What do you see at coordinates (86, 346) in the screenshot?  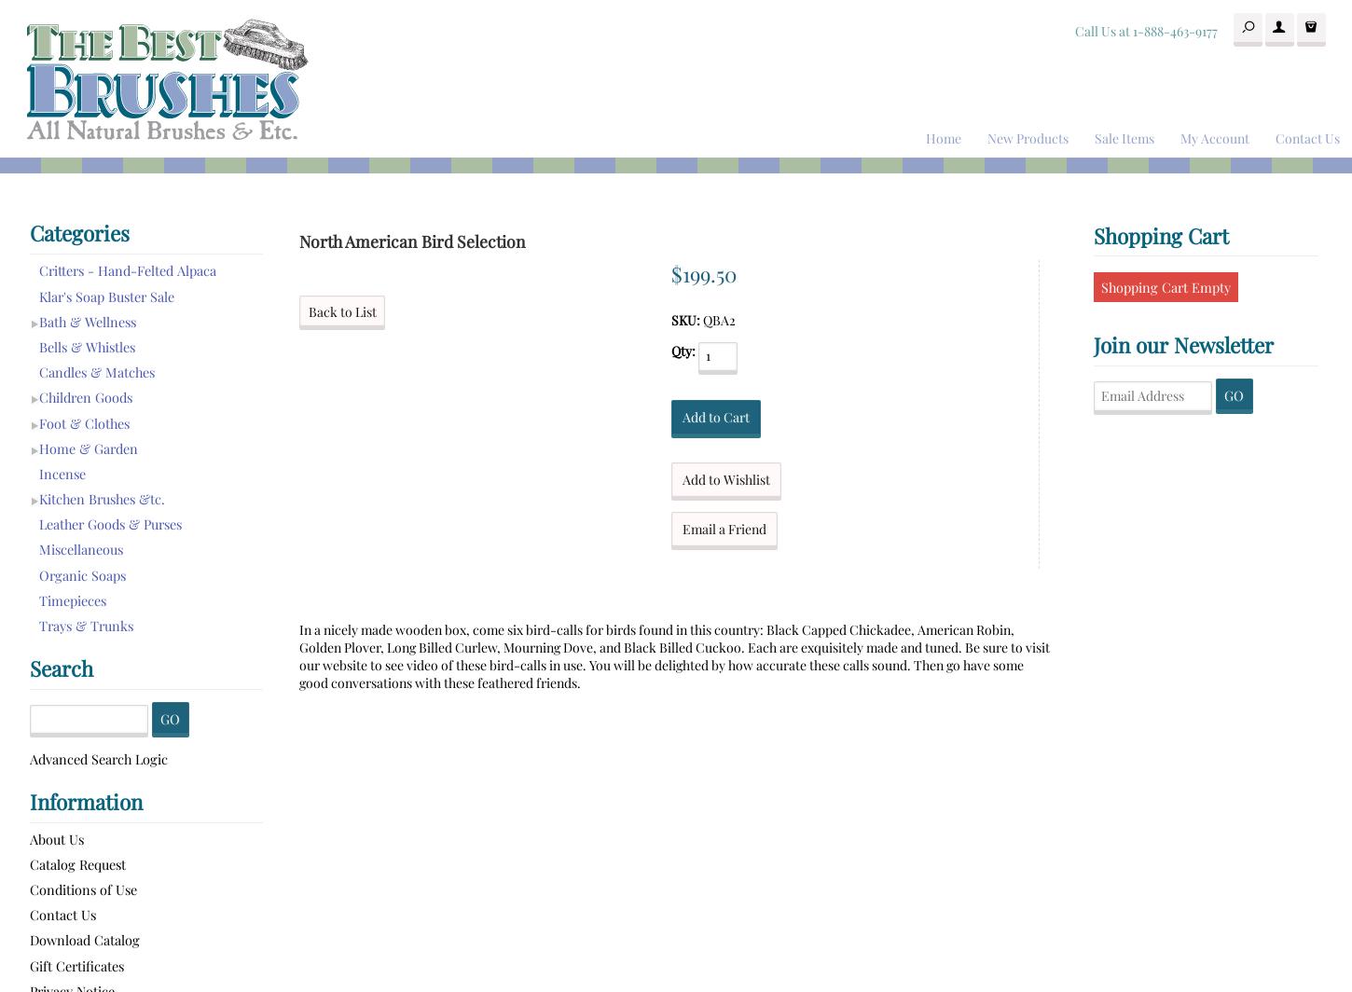 I see `'Bells & Whistles'` at bounding box center [86, 346].